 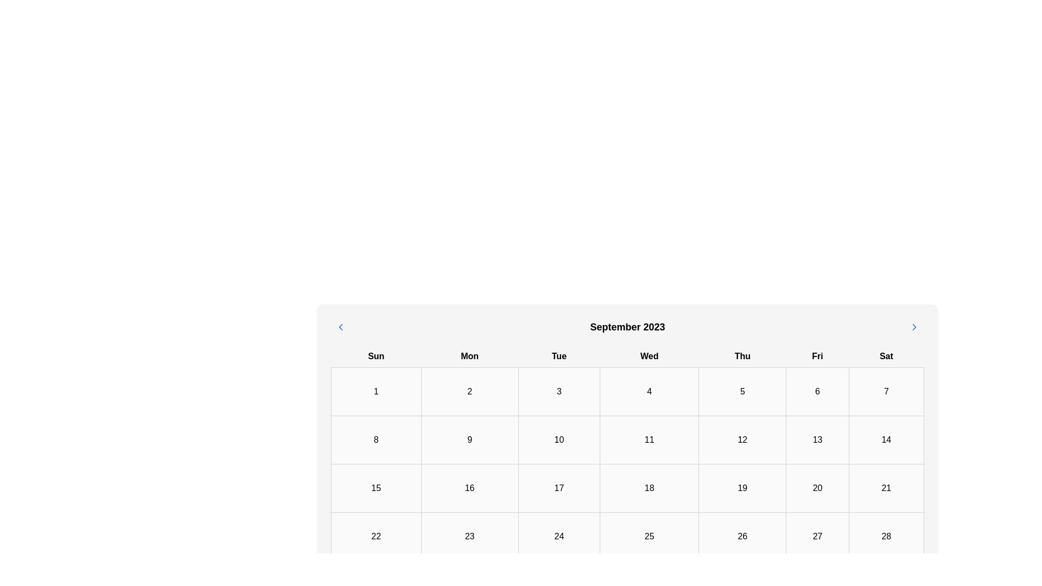 I want to click on the calendar cell representing the date '1', located, so click(x=376, y=391).